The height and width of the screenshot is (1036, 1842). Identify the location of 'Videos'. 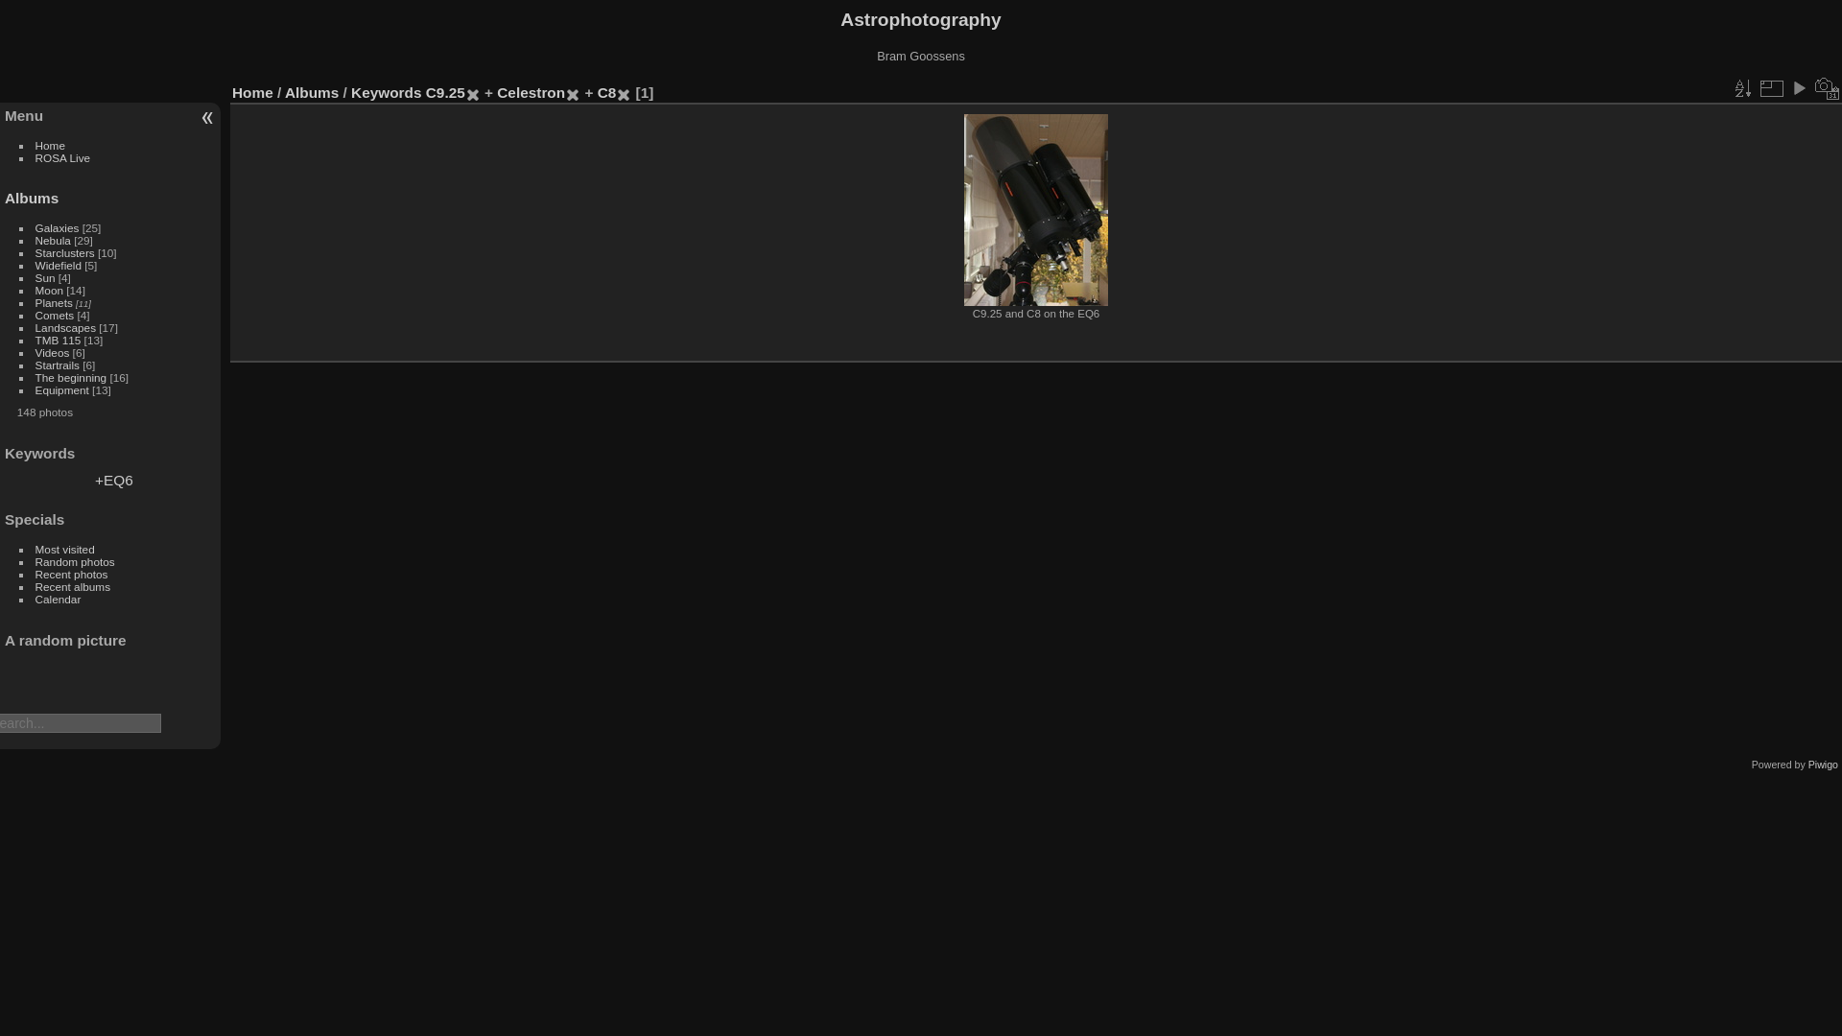
(35, 352).